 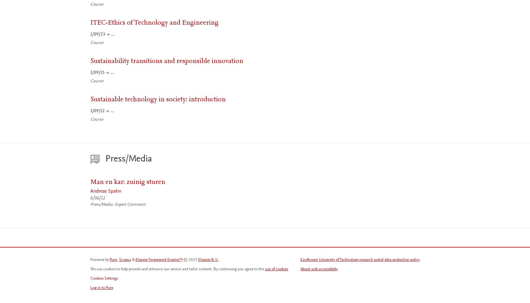 I want to click on '&', so click(x=131, y=259).